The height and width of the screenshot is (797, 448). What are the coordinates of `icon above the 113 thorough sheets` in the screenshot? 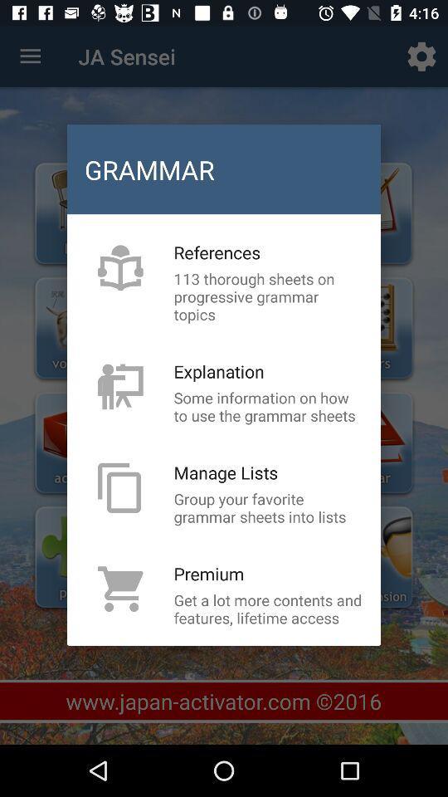 It's located at (217, 252).